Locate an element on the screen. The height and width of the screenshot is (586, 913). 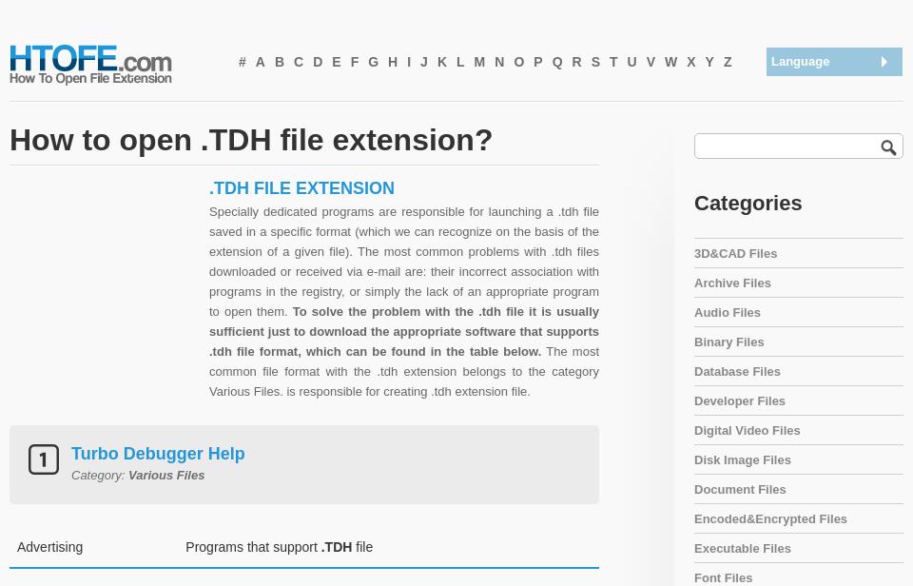
'Various Files' is located at coordinates (126, 474).